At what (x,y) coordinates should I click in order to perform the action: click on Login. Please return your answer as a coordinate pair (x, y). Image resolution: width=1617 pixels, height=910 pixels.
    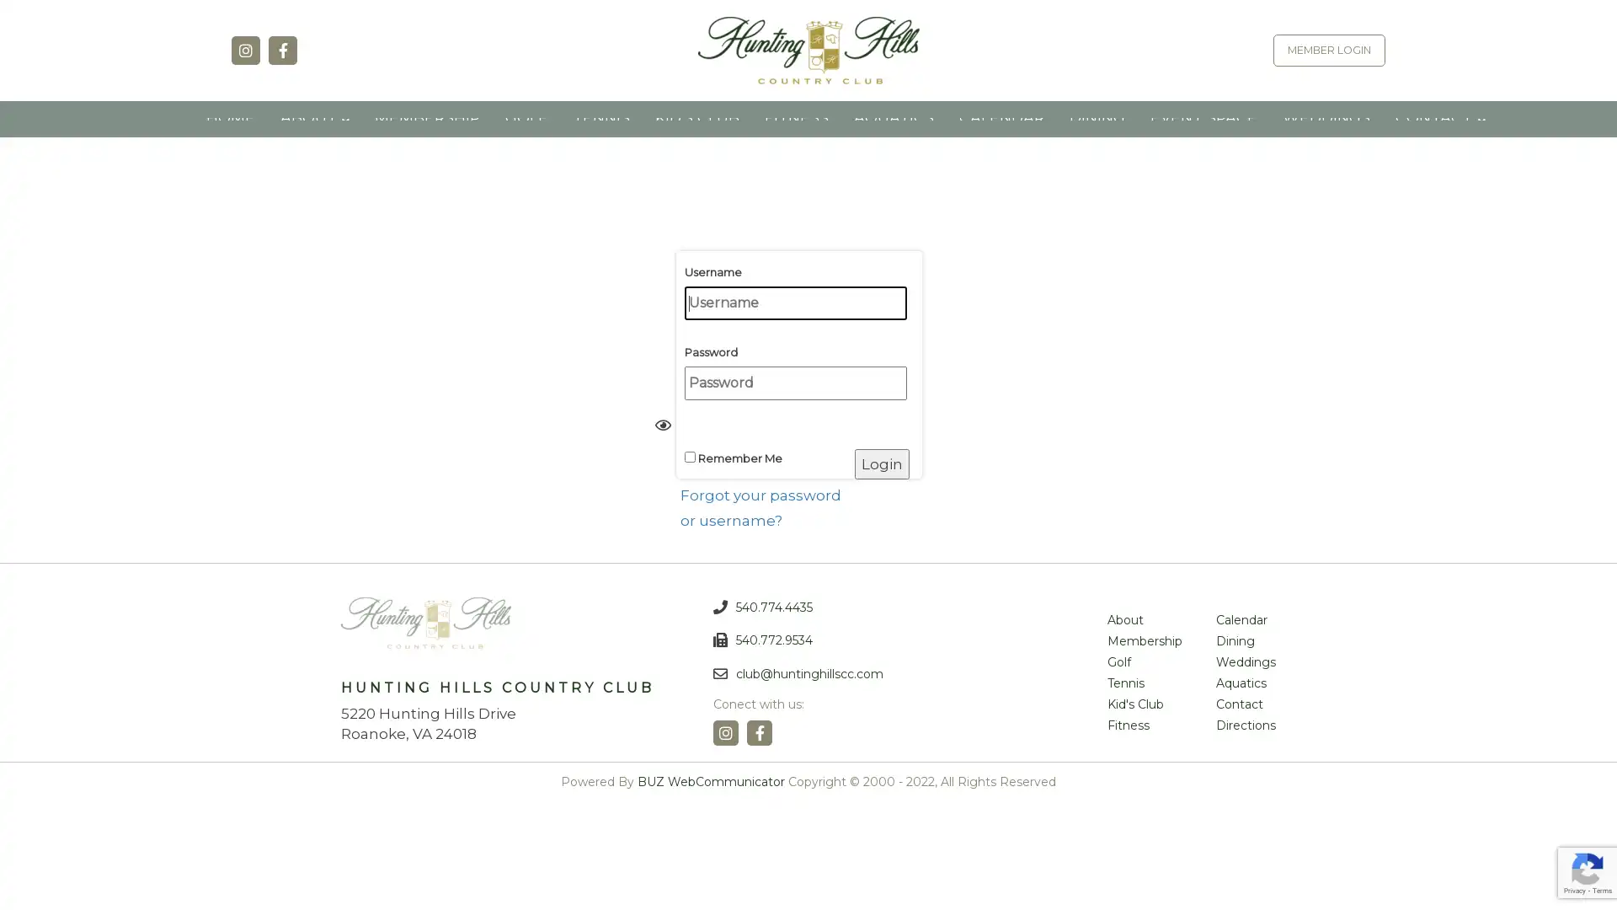
    Looking at the image, I should click on (881, 477).